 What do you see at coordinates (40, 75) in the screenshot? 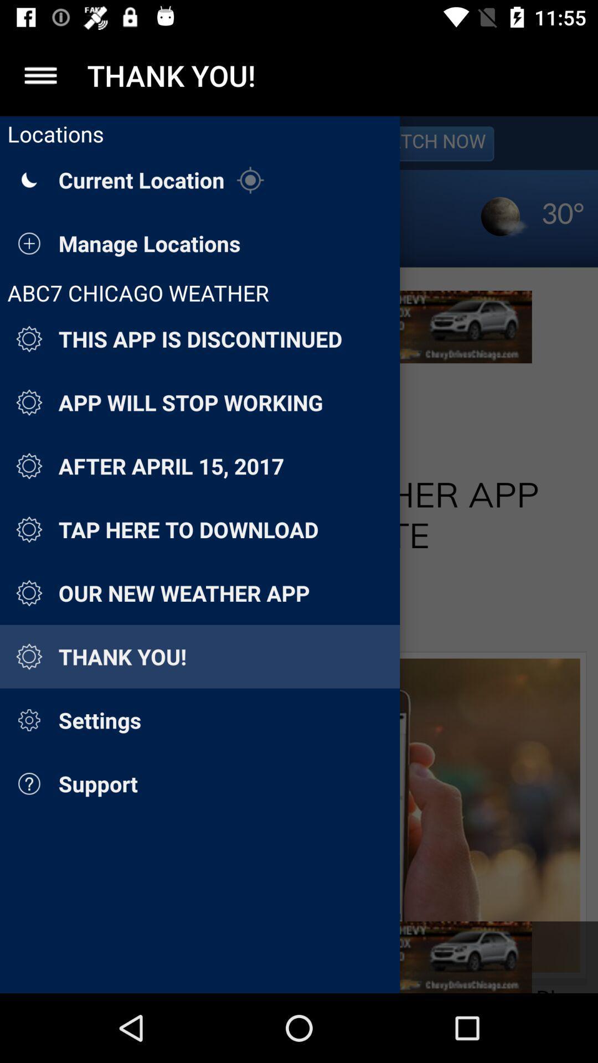
I see `icon next to the thank you! app` at bounding box center [40, 75].